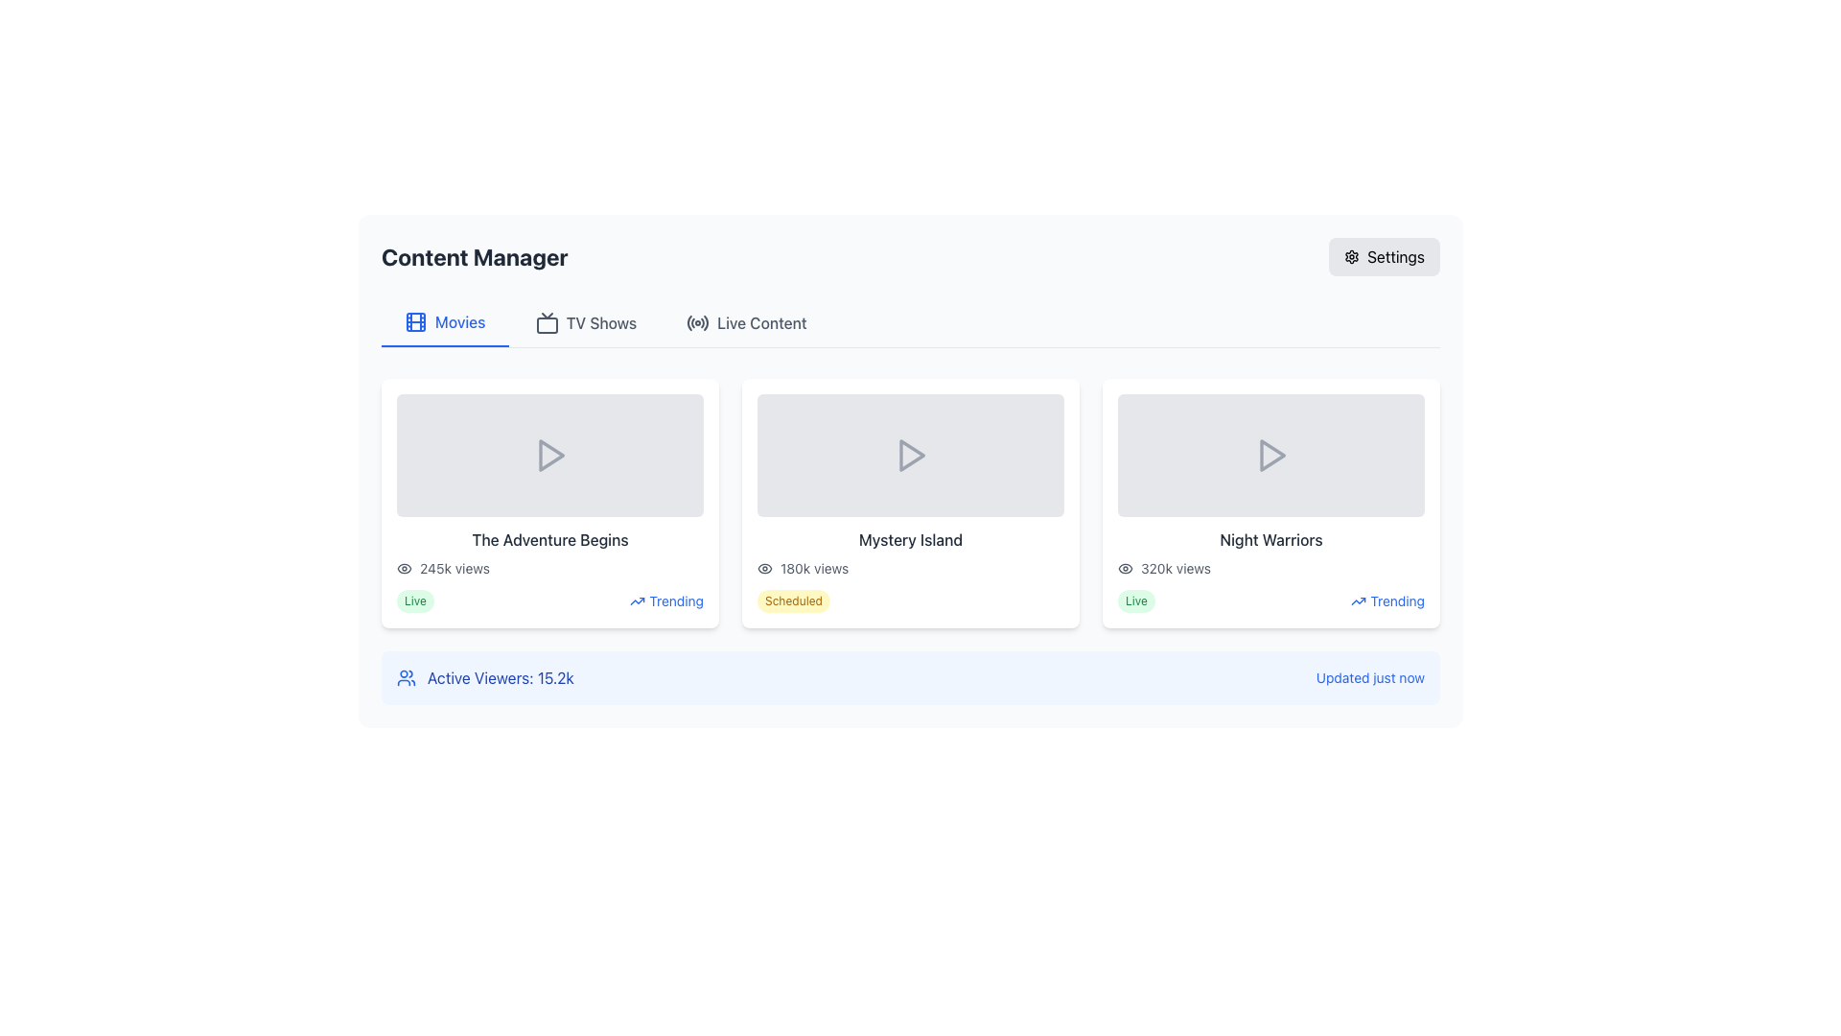 The width and height of the screenshot is (1841, 1036). What do you see at coordinates (414, 600) in the screenshot?
I see `the color coding of the Status label located in the bottom-left corner of the 'The Adventure Begins' card in the 'Movies' section, which indicates that the content is currently live and active` at bounding box center [414, 600].